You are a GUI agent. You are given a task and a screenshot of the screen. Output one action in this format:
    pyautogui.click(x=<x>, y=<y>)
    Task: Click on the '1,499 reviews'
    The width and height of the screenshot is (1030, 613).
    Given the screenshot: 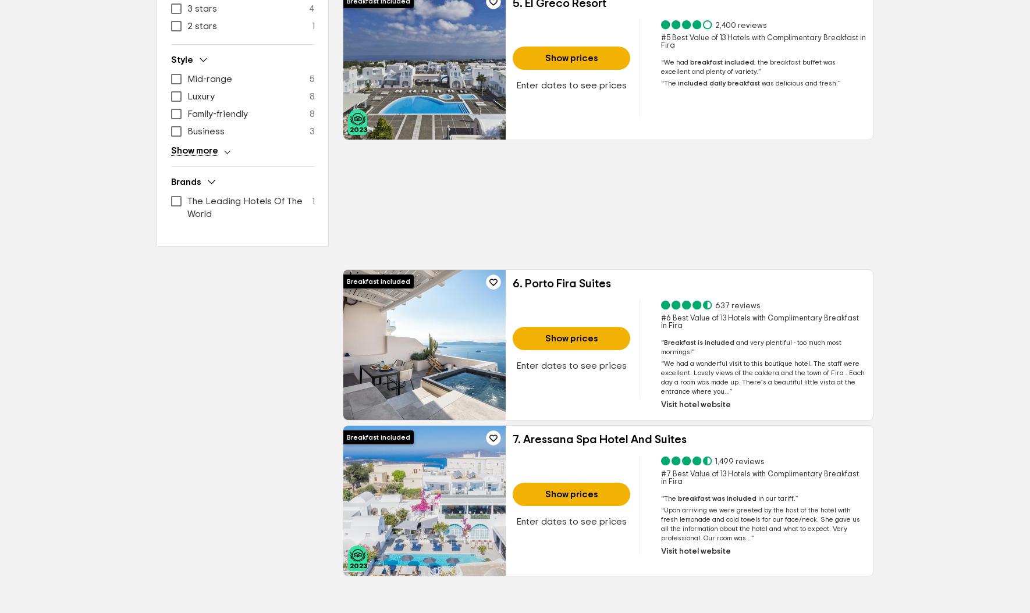 What is the action you would take?
    pyautogui.click(x=738, y=461)
    